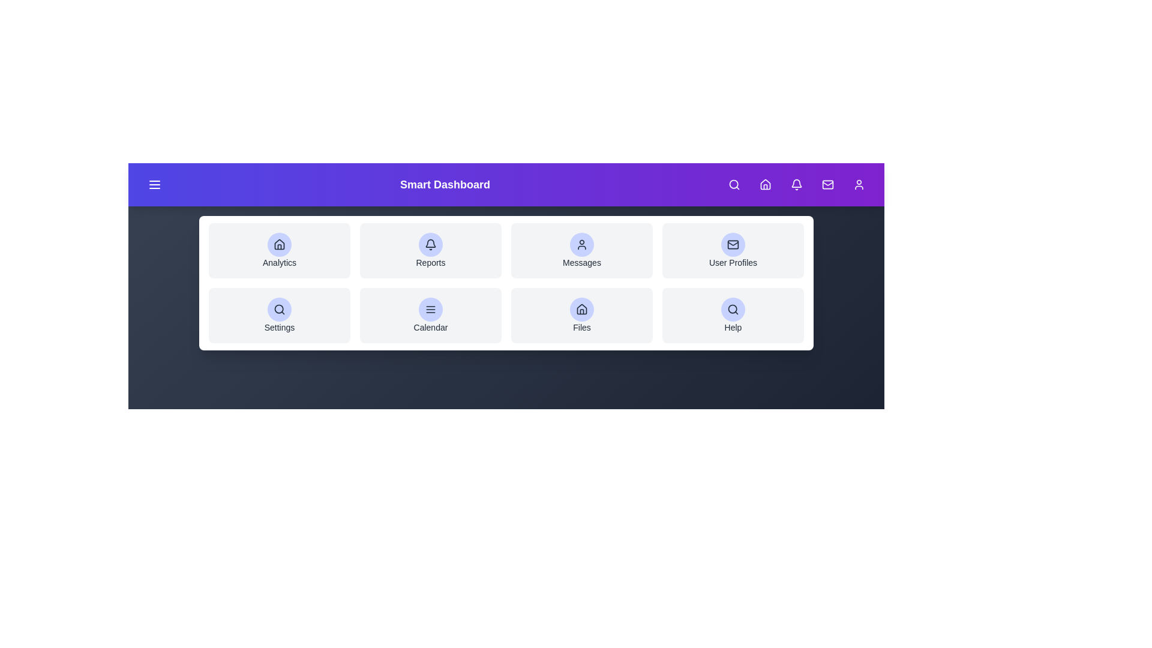  What do you see at coordinates (581, 314) in the screenshot?
I see `the grid item labeled Files` at bounding box center [581, 314].